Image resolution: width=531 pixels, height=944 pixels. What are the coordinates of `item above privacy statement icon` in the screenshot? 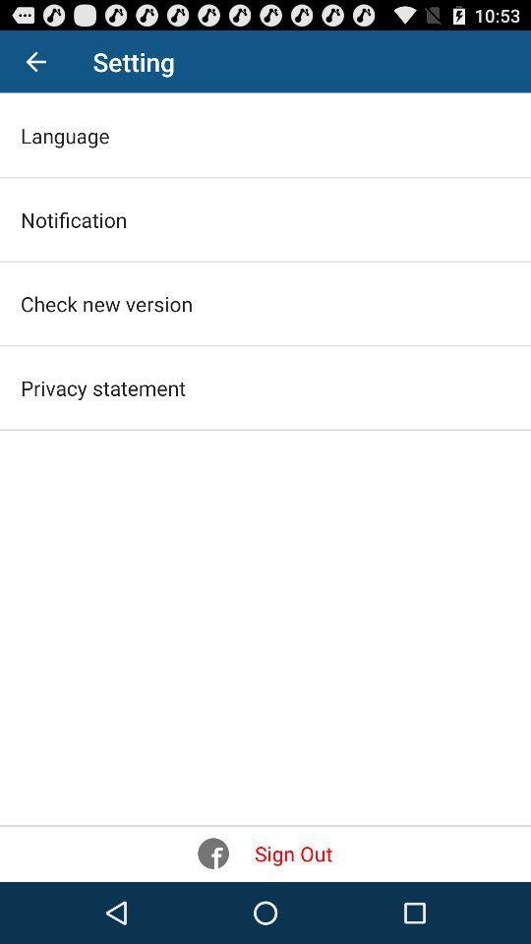 It's located at (106, 304).